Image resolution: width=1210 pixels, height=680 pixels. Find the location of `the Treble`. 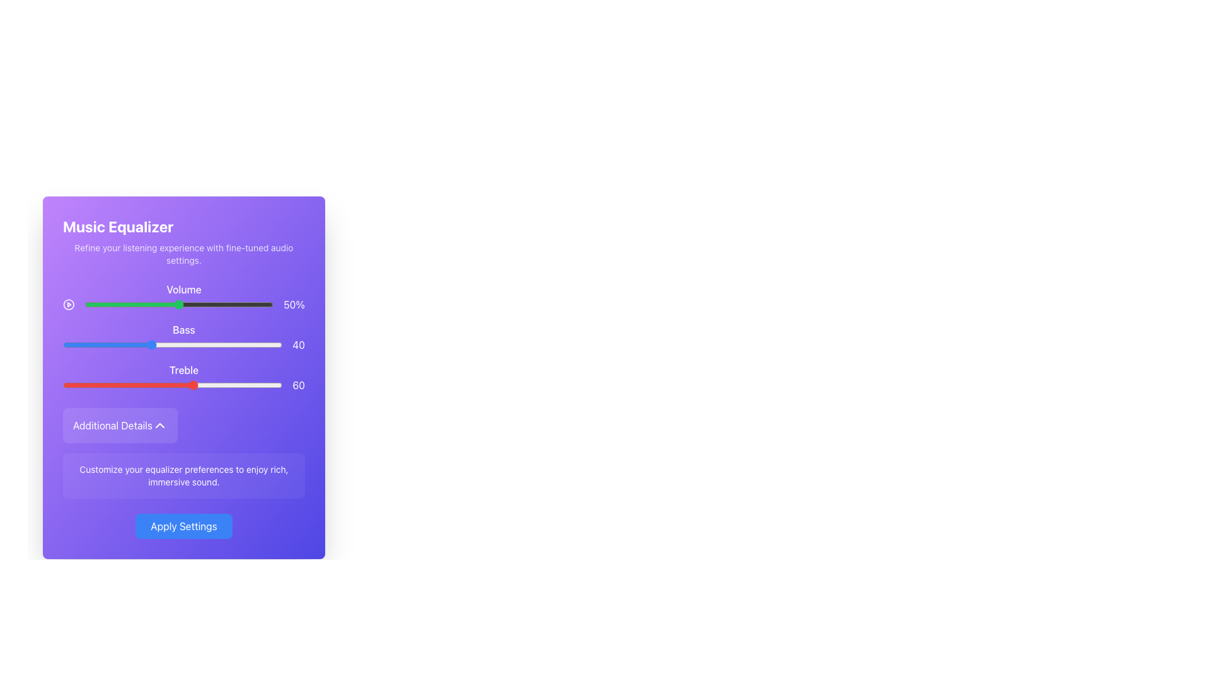

the Treble is located at coordinates (203, 385).